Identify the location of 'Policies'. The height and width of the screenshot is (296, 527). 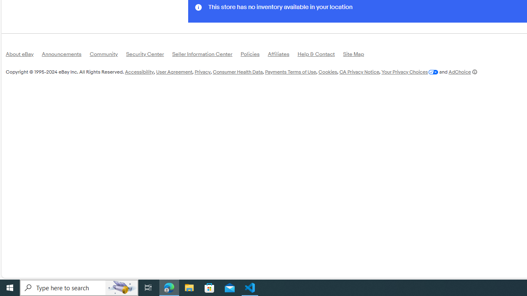
(254, 55).